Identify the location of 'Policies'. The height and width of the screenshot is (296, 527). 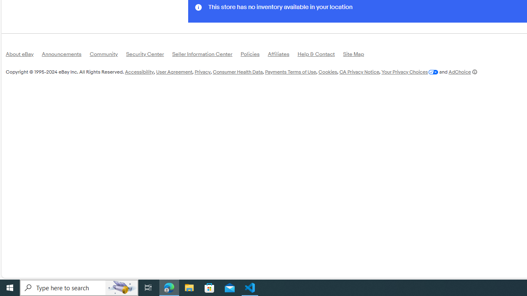
(254, 55).